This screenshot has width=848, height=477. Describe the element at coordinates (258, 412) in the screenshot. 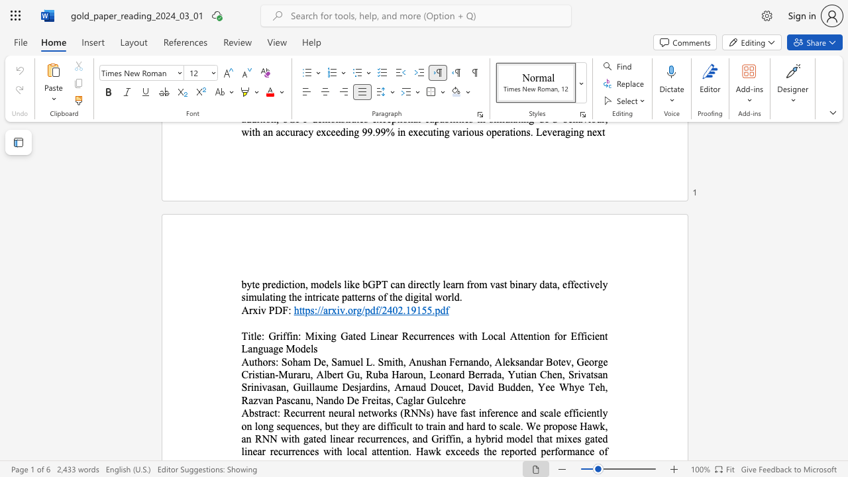

I see `the subset text "tr" within the text "Abstract:"` at that location.